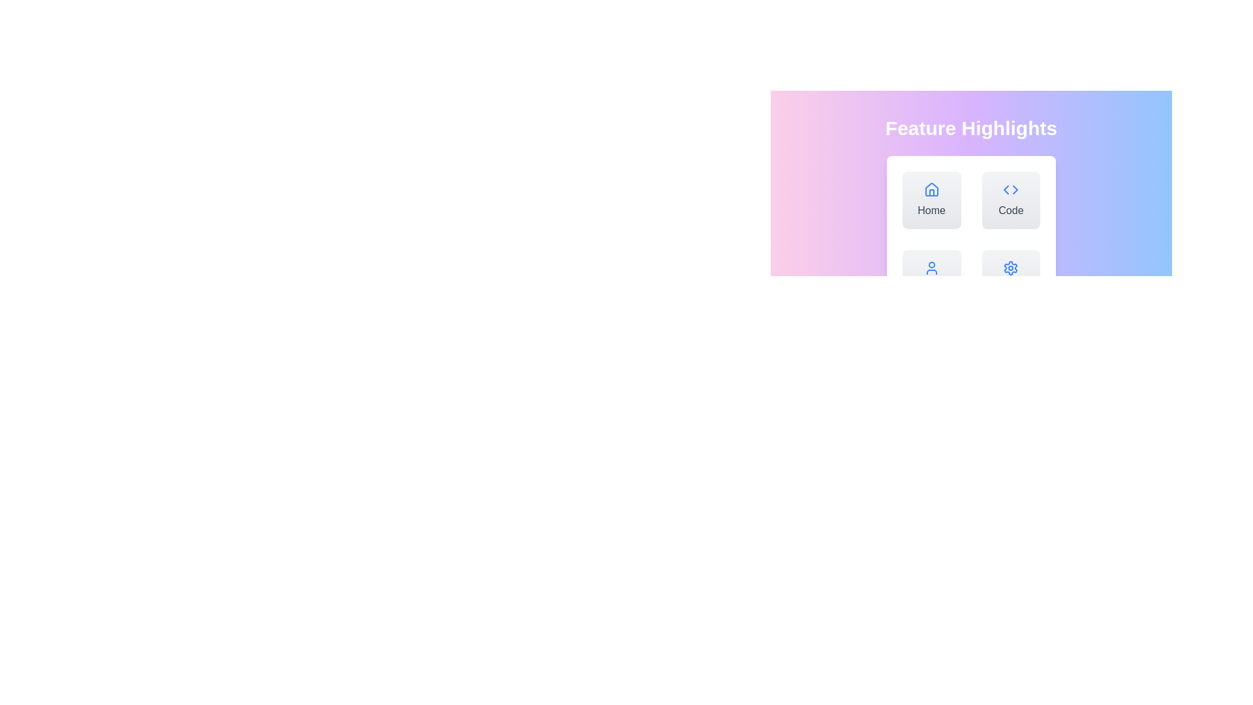  Describe the element at coordinates (931, 193) in the screenshot. I see `the 'Home' button which contains the house icon and its door element, located at the top-left of the grid layout` at that location.